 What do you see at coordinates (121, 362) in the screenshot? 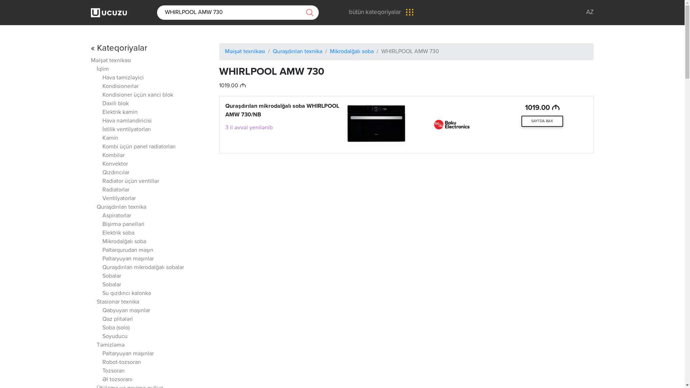
I see `'Robot-tozsoran'` at bounding box center [121, 362].